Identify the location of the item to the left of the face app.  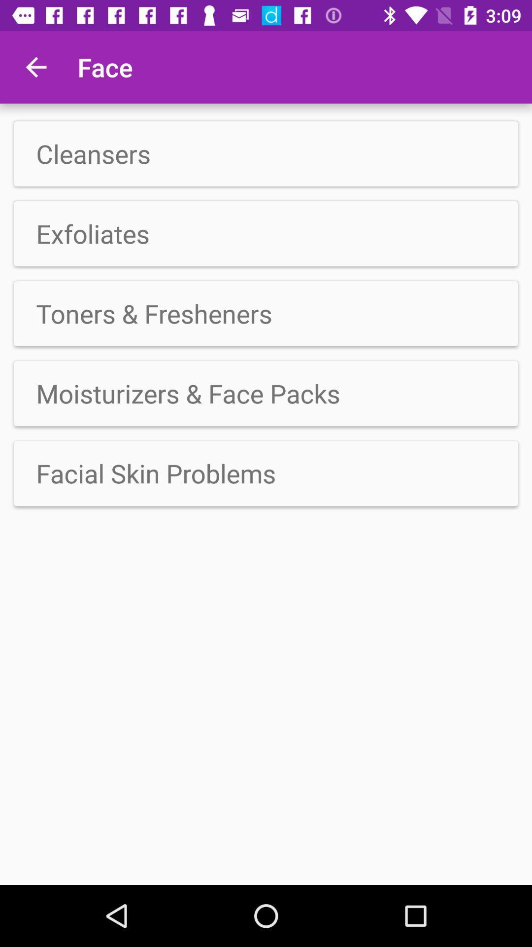
(35, 67).